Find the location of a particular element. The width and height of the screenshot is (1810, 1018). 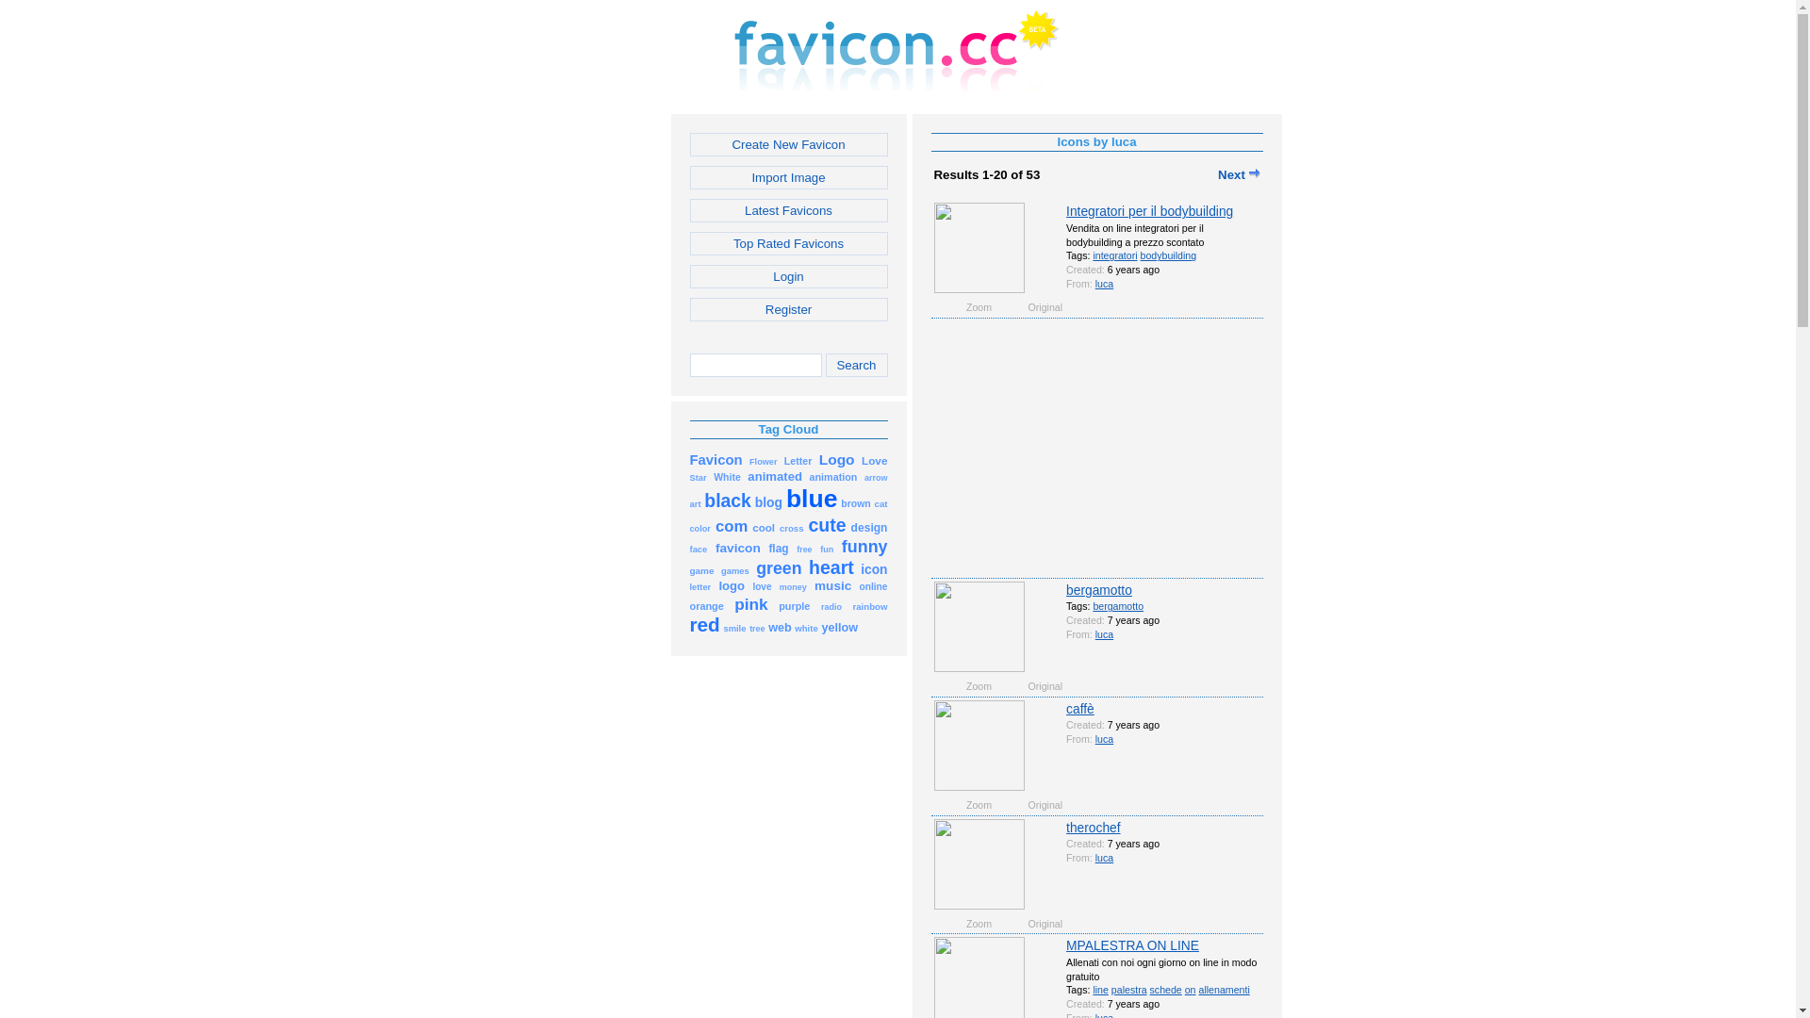

'Flower' is located at coordinates (764, 460).